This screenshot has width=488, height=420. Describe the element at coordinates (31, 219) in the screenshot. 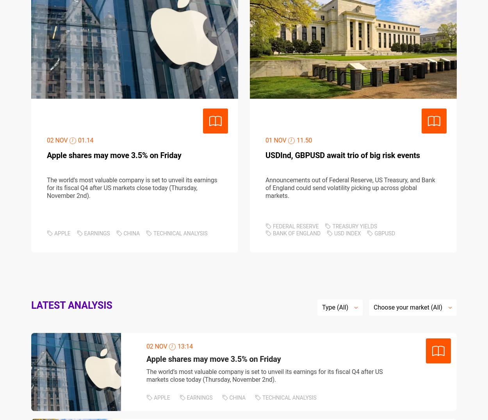

I see `'Privacy policy'` at that location.